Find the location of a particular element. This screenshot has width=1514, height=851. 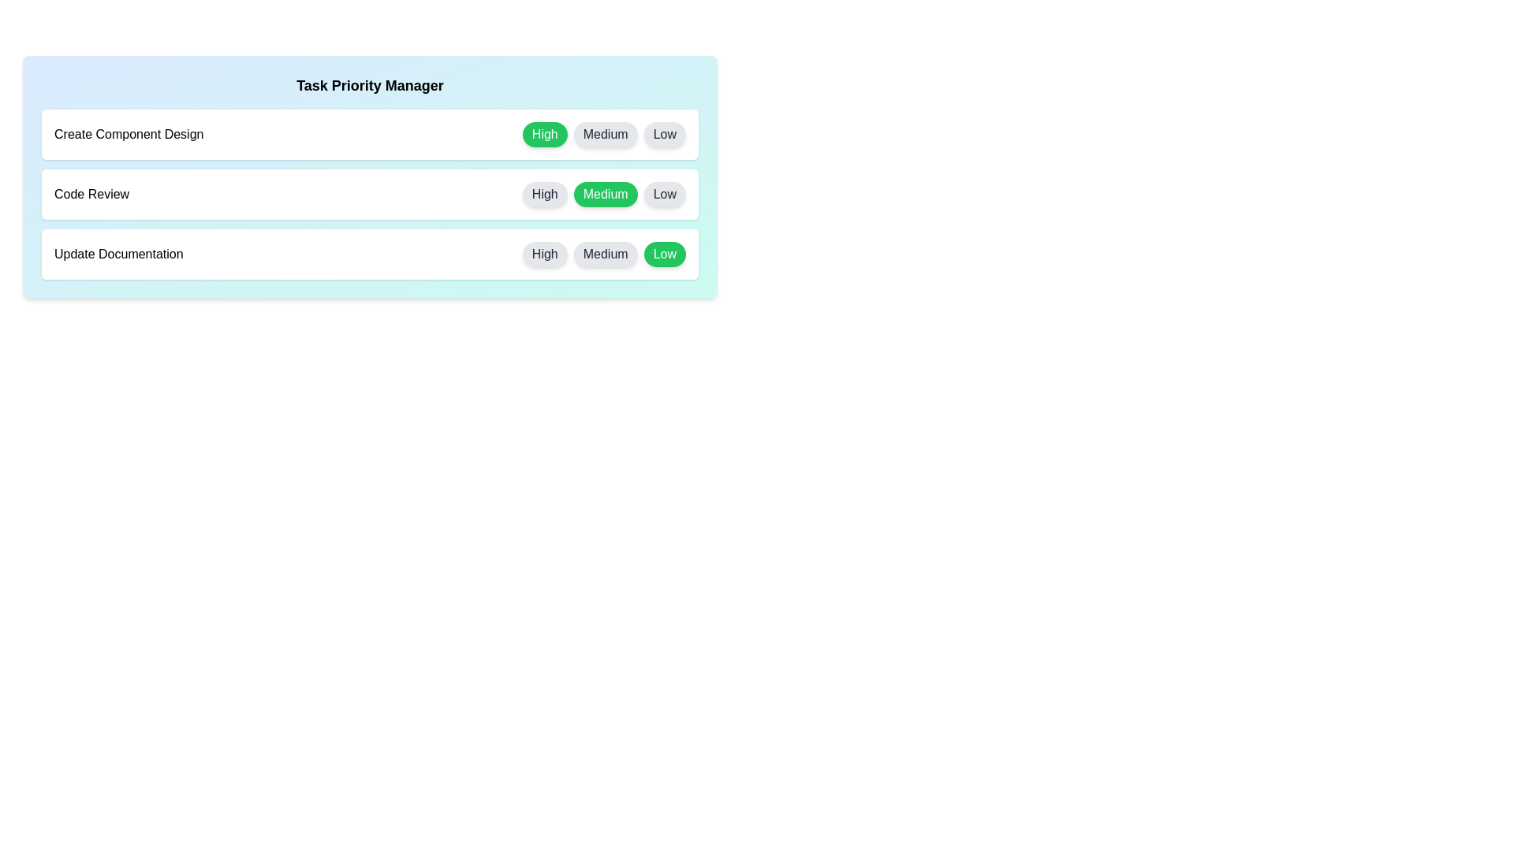

the priority button labeled High for the task Create Component Design is located at coordinates (545, 133).